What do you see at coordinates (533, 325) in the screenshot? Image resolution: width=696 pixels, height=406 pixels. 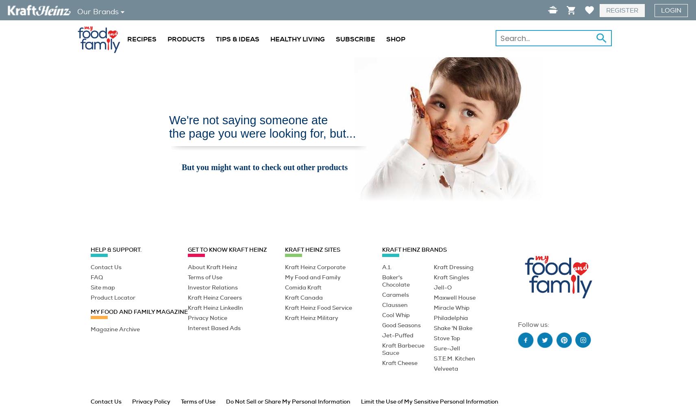 I see `'Follow us:'` at bounding box center [533, 325].